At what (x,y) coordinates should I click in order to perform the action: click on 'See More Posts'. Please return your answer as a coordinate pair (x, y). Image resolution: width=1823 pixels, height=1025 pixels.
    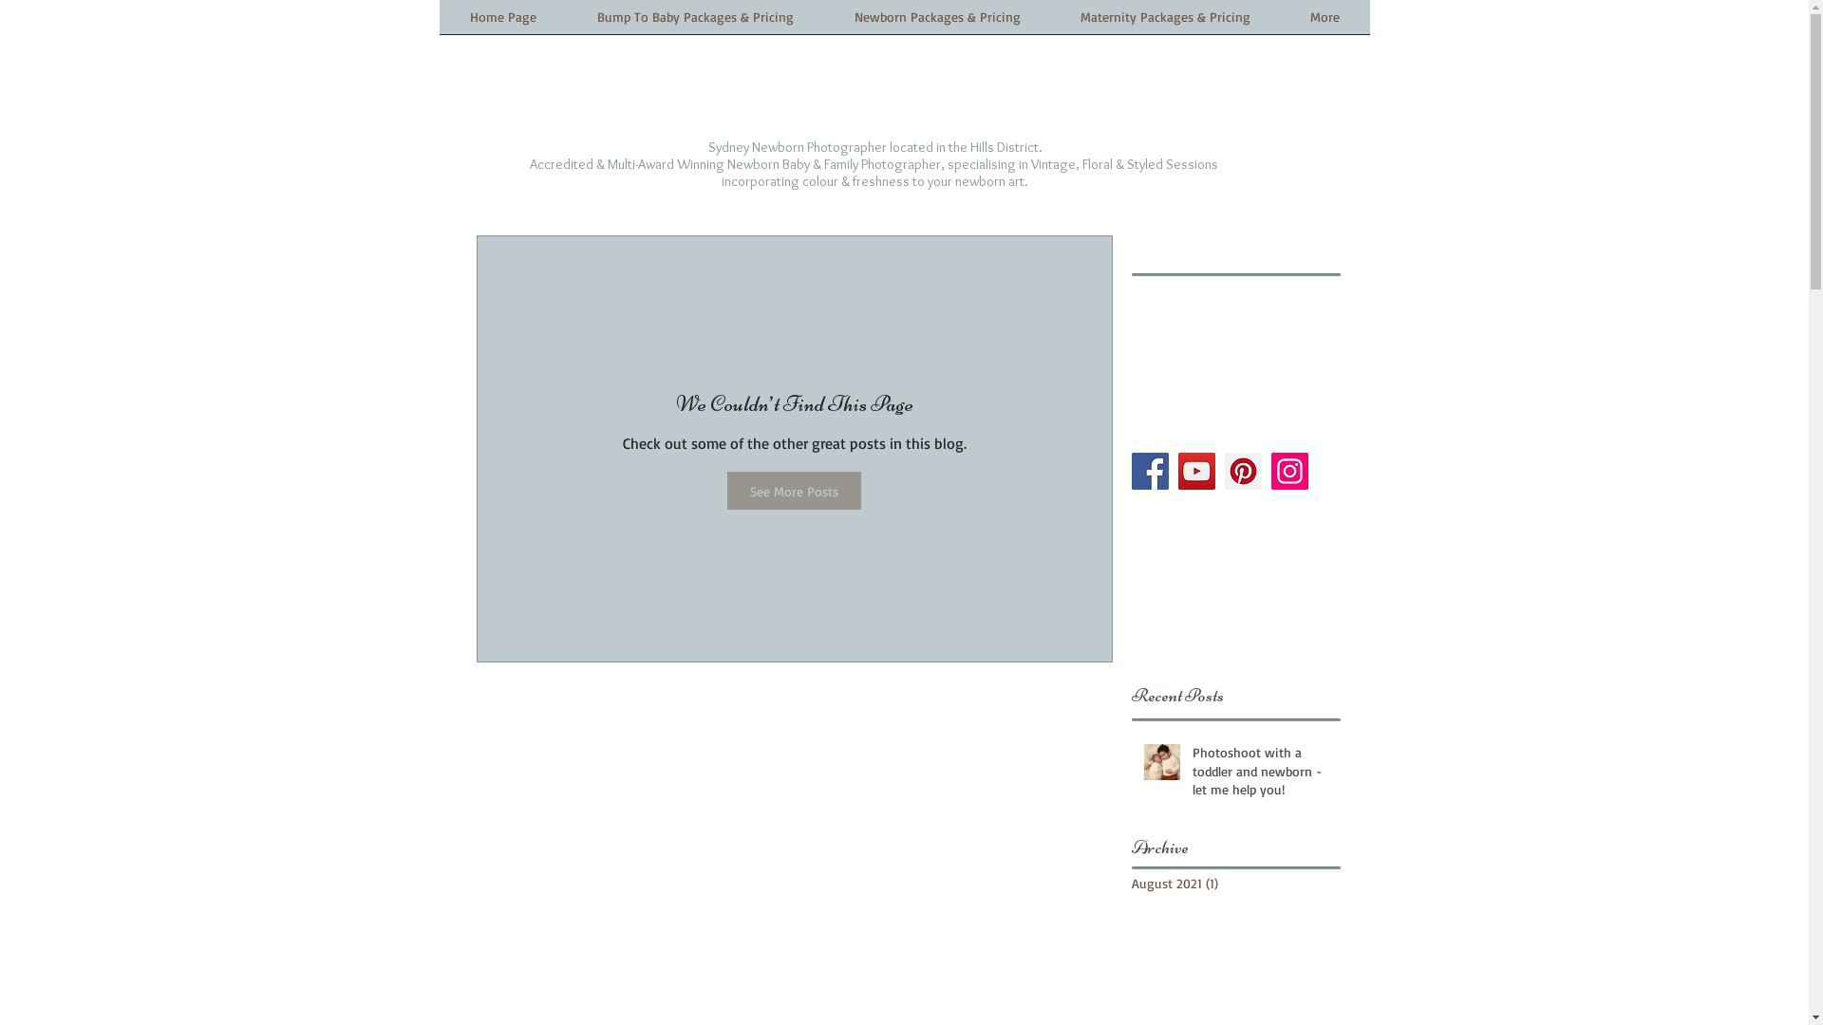
    Looking at the image, I should click on (794, 489).